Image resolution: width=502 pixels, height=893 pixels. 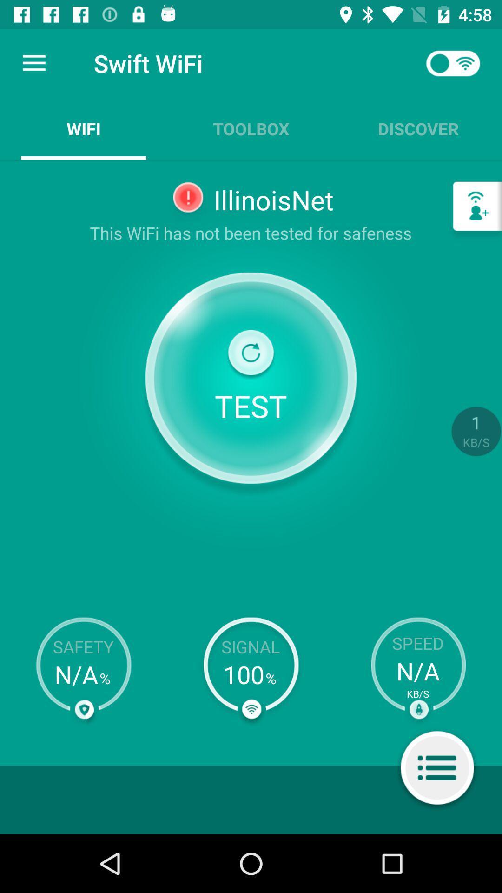 What do you see at coordinates (437, 769) in the screenshot?
I see `the list icon` at bounding box center [437, 769].